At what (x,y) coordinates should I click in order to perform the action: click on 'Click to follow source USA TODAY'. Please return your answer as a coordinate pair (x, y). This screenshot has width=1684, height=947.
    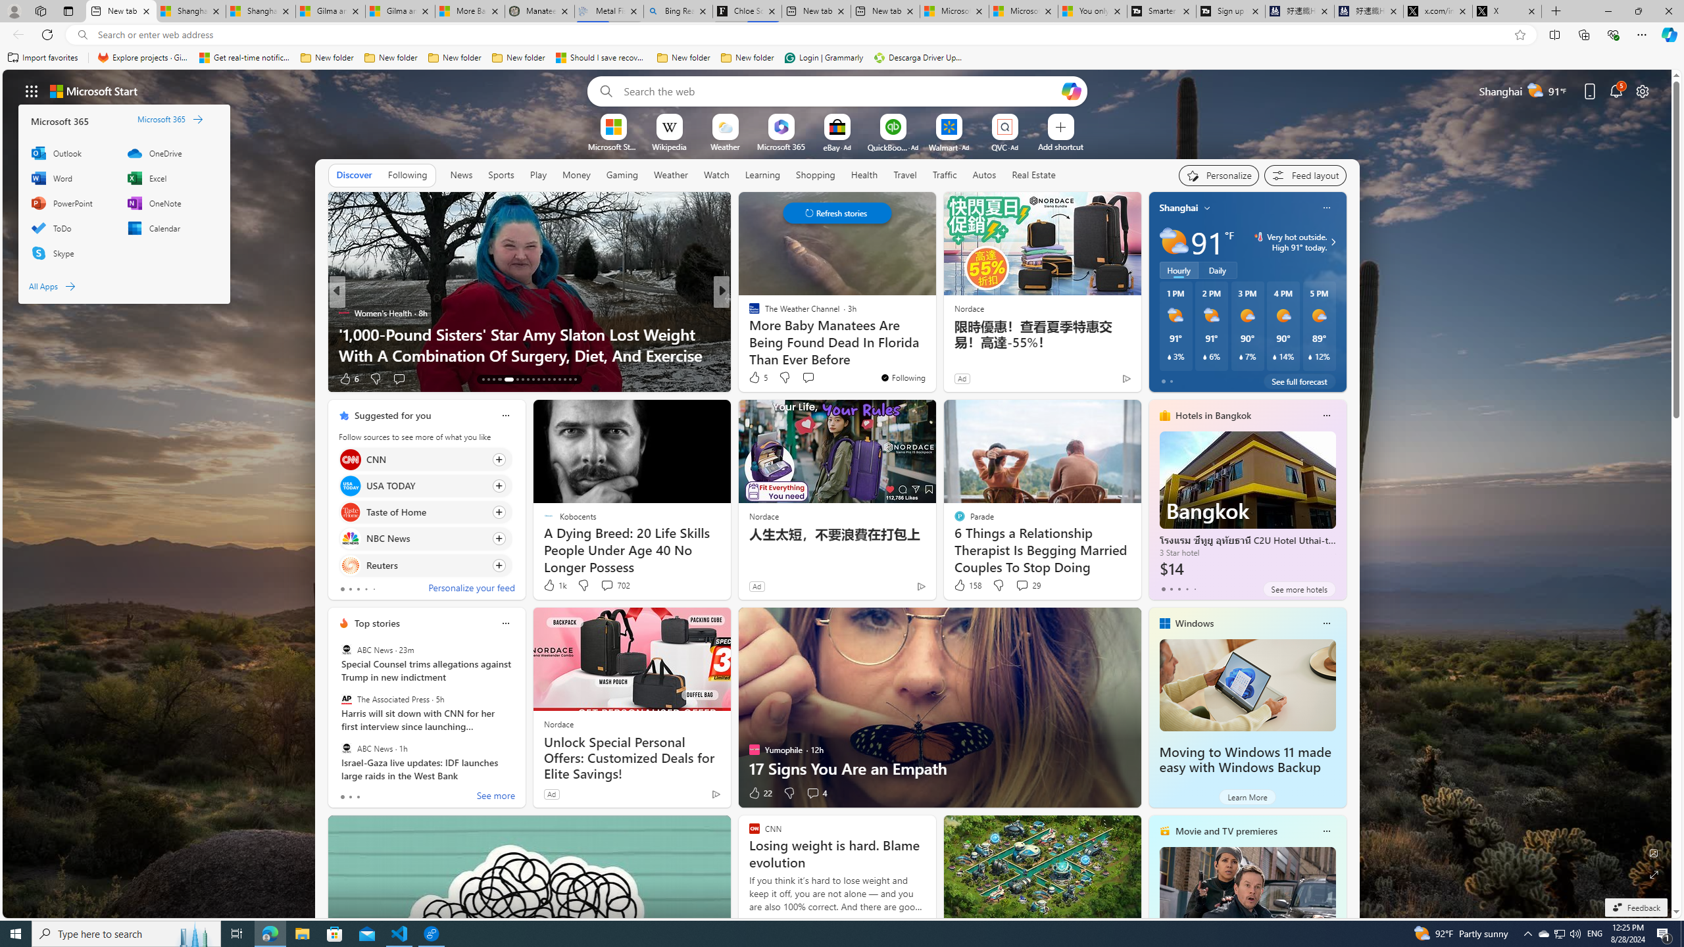
    Looking at the image, I should click on (424, 485).